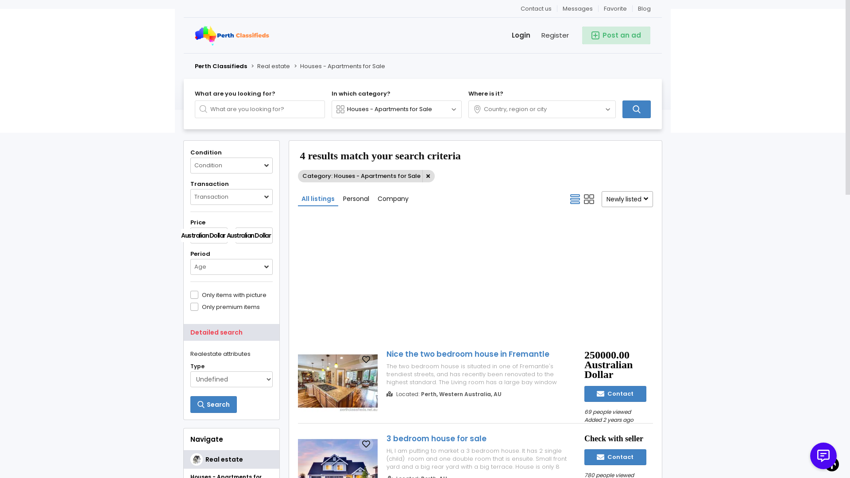  What do you see at coordinates (556, 8) in the screenshot?
I see `'Messages'` at bounding box center [556, 8].